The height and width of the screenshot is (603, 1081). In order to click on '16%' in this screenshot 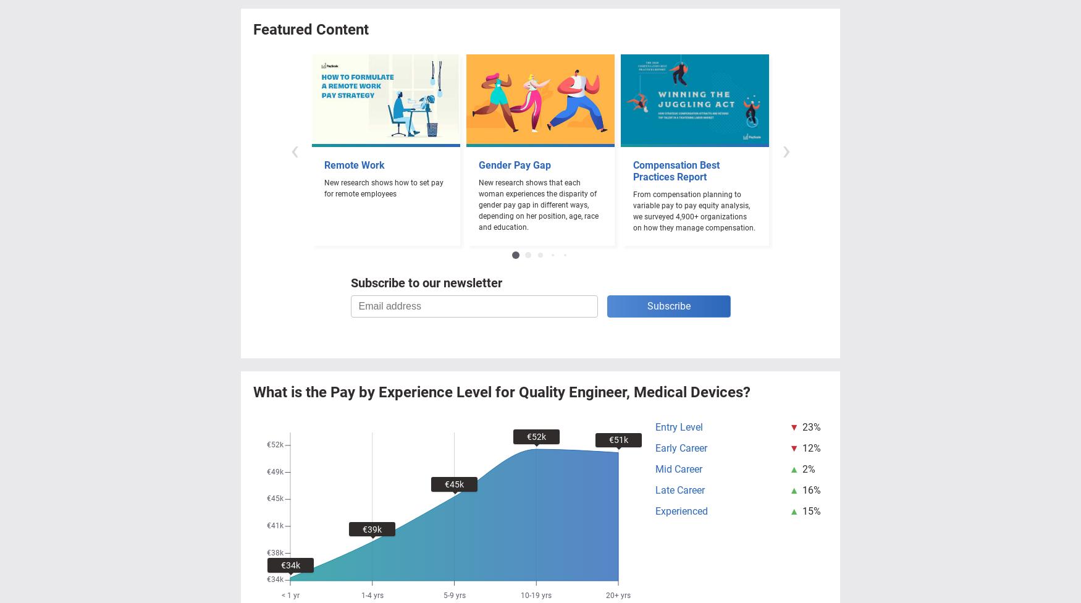, I will do `click(810, 489)`.